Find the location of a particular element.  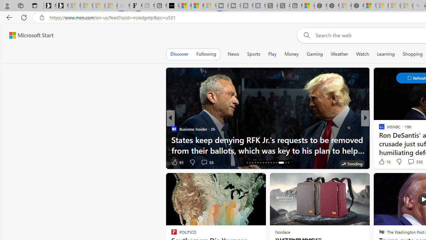

'AutomationID: tab-25' is located at coordinates (271, 163).